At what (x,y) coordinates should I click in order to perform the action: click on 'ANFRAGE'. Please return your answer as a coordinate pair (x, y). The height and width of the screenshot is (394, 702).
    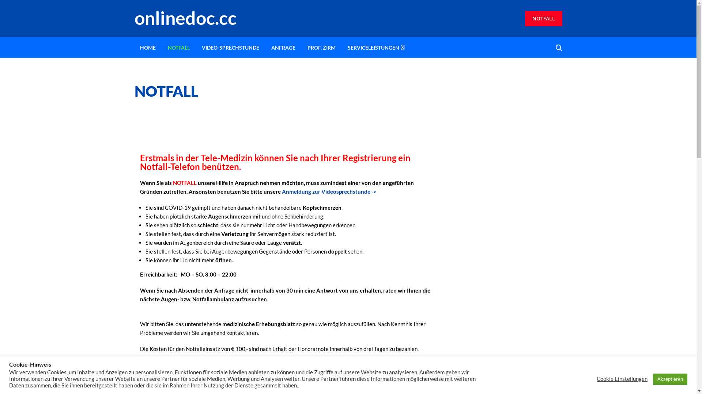
    Looking at the image, I should click on (282, 47).